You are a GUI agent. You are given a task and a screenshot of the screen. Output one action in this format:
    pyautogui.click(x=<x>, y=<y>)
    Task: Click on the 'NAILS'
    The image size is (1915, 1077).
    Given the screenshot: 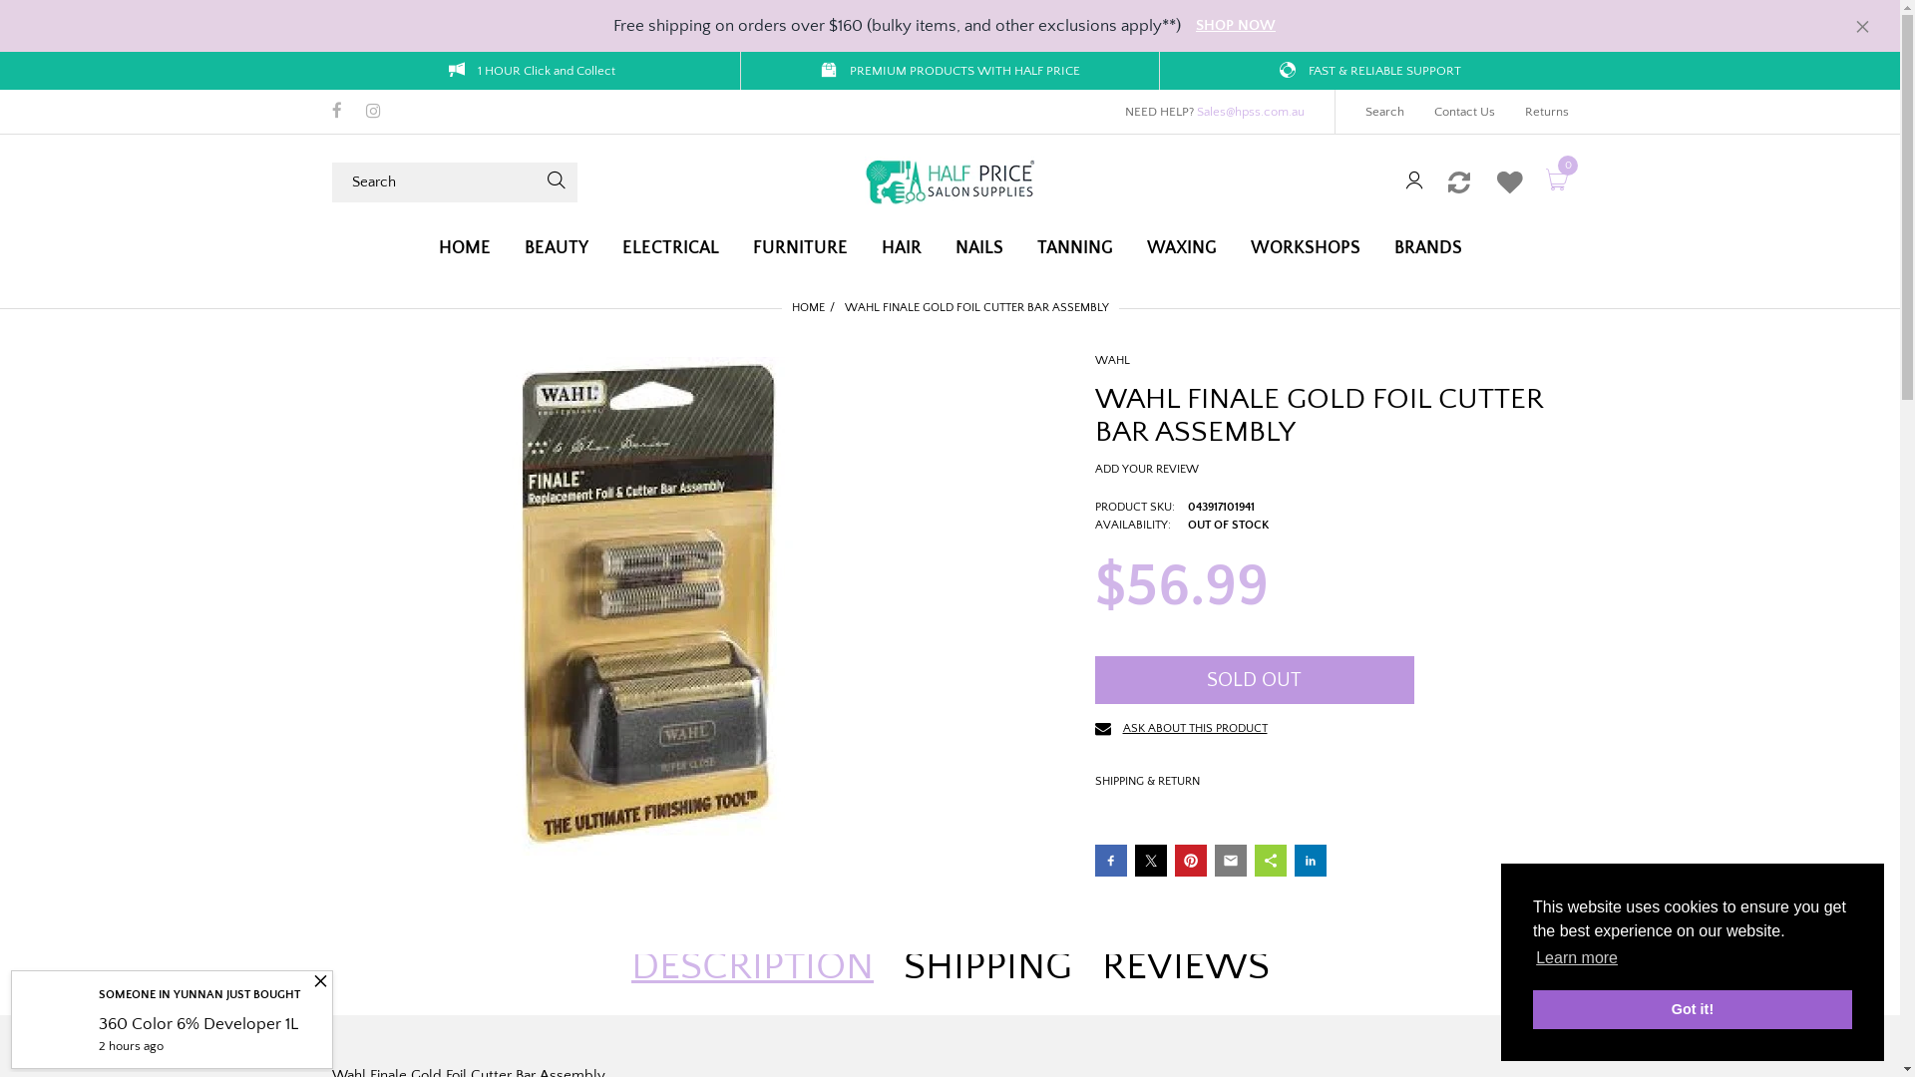 What is the action you would take?
    pyautogui.click(x=979, y=247)
    